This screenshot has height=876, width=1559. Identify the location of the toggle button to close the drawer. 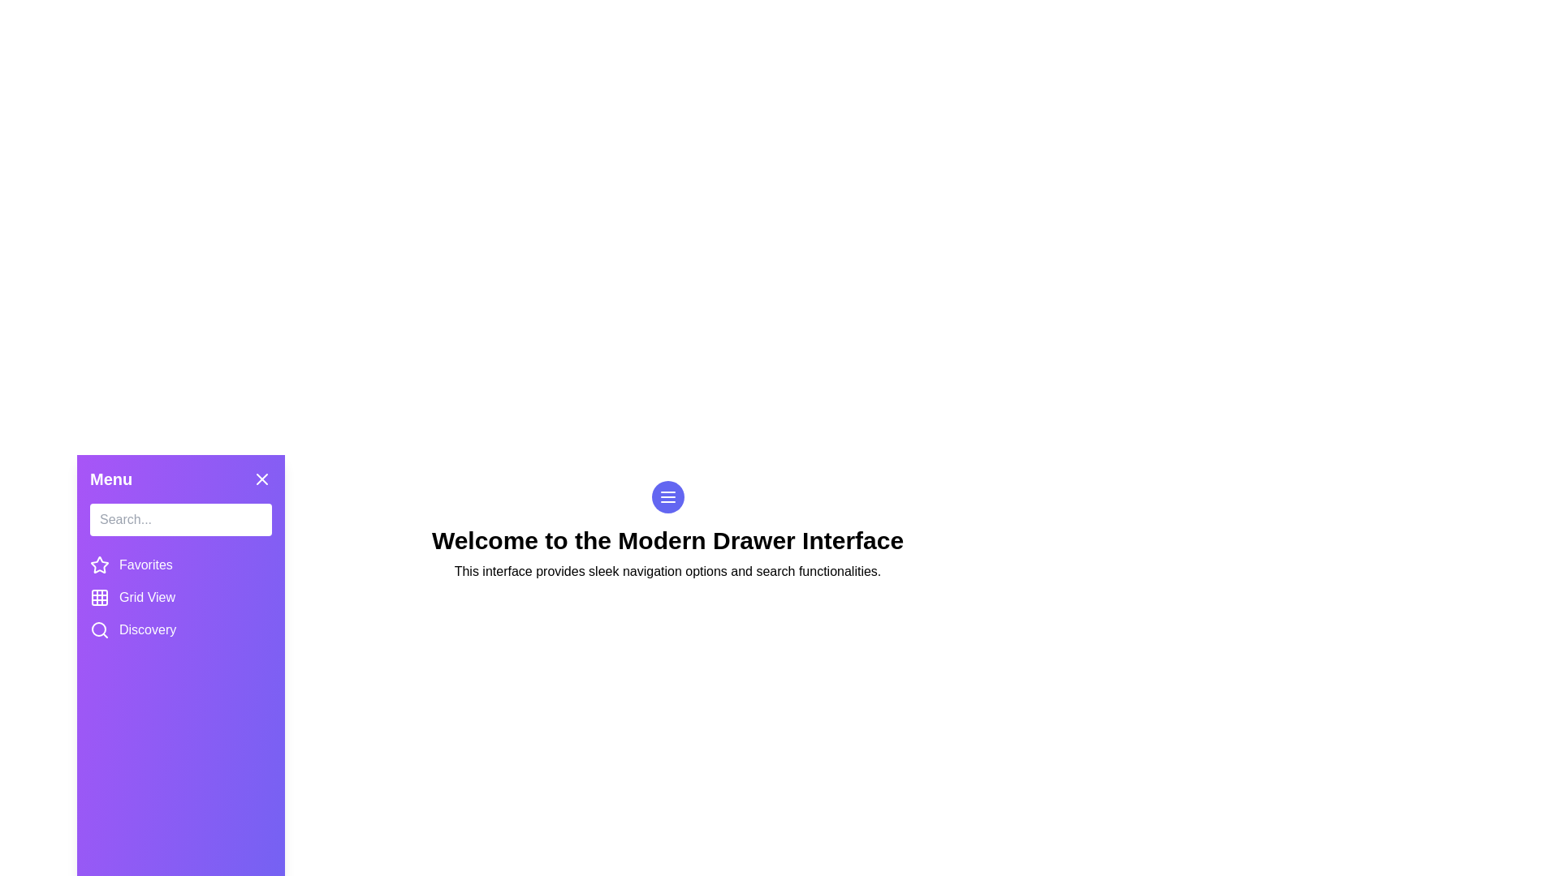
(667, 496).